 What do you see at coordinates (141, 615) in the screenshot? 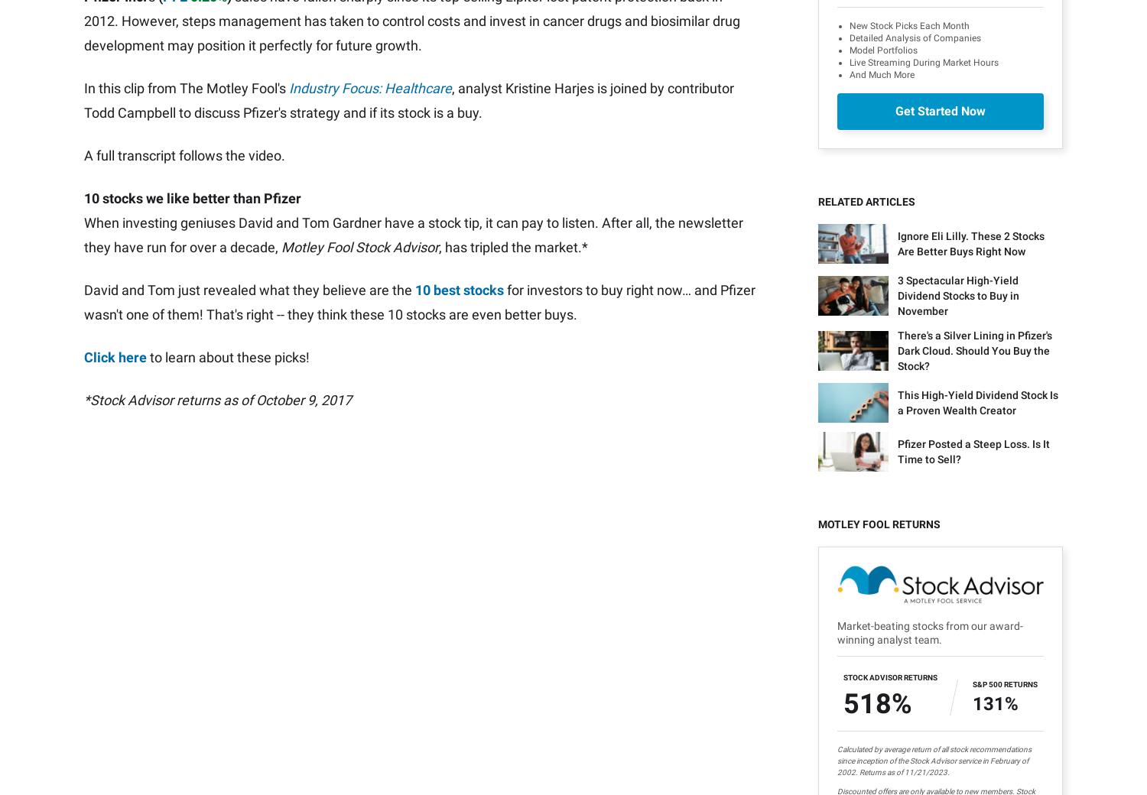
I see `'Market data powered by'` at bounding box center [141, 615].